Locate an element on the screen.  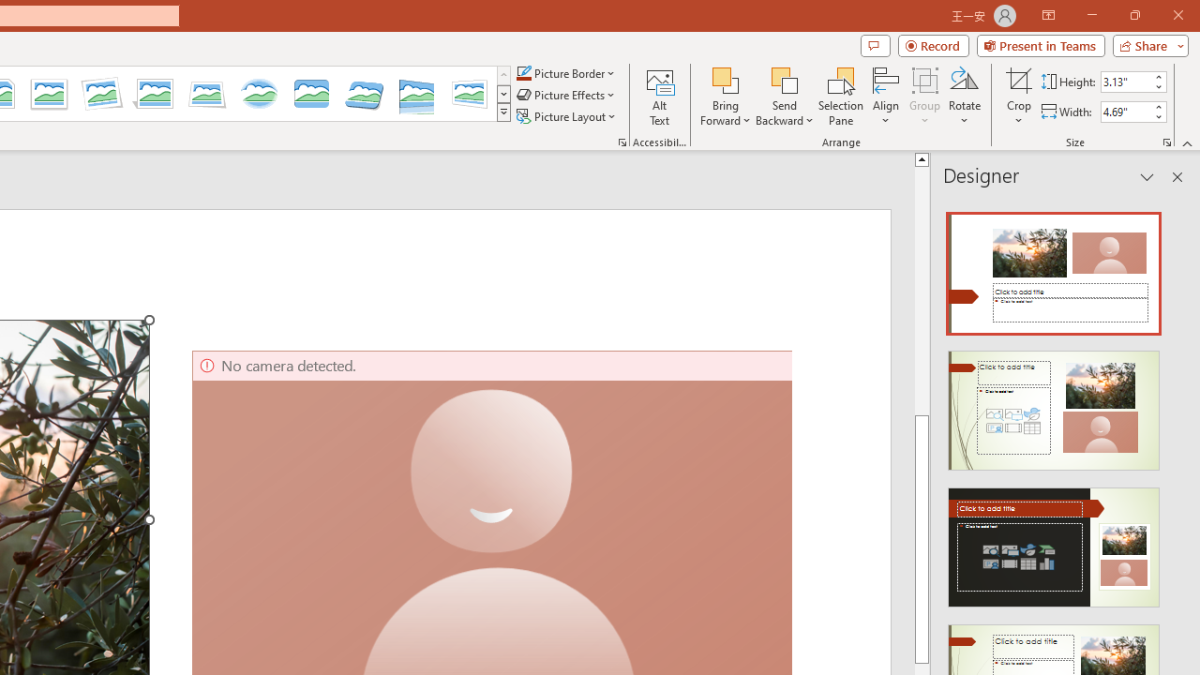
'Send Backward' is located at coordinates (785, 79).